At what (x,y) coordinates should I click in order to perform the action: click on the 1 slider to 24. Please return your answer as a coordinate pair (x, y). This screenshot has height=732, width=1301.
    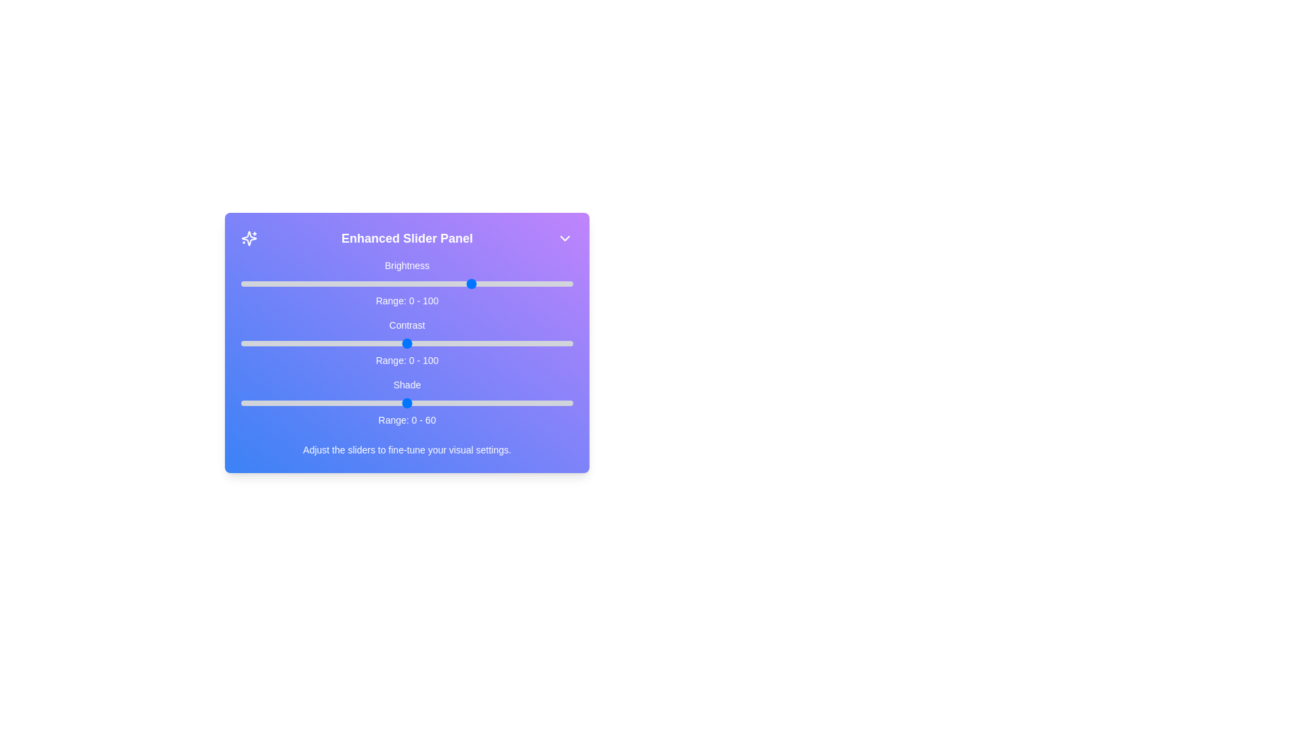
    Looking at the image, I should click on (320, 342).